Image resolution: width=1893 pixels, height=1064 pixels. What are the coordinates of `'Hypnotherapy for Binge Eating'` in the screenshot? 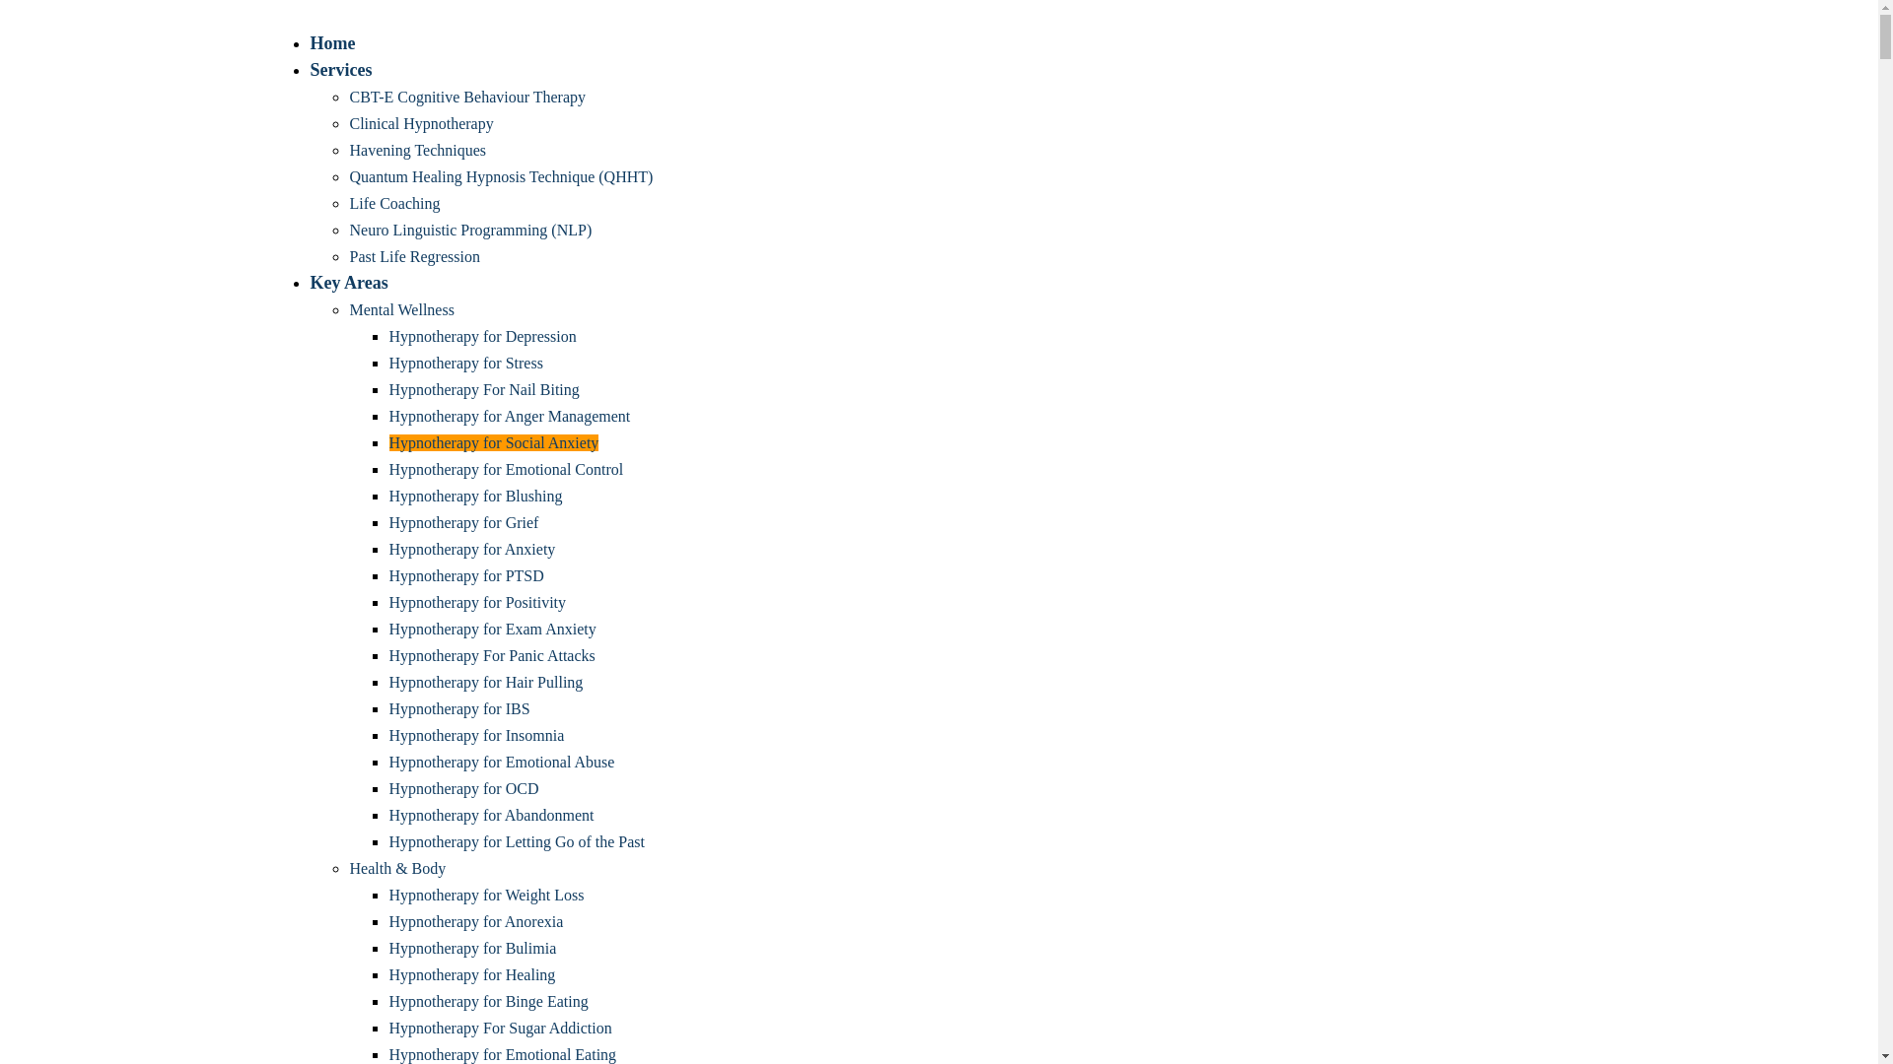 It's located at (487, 1001).